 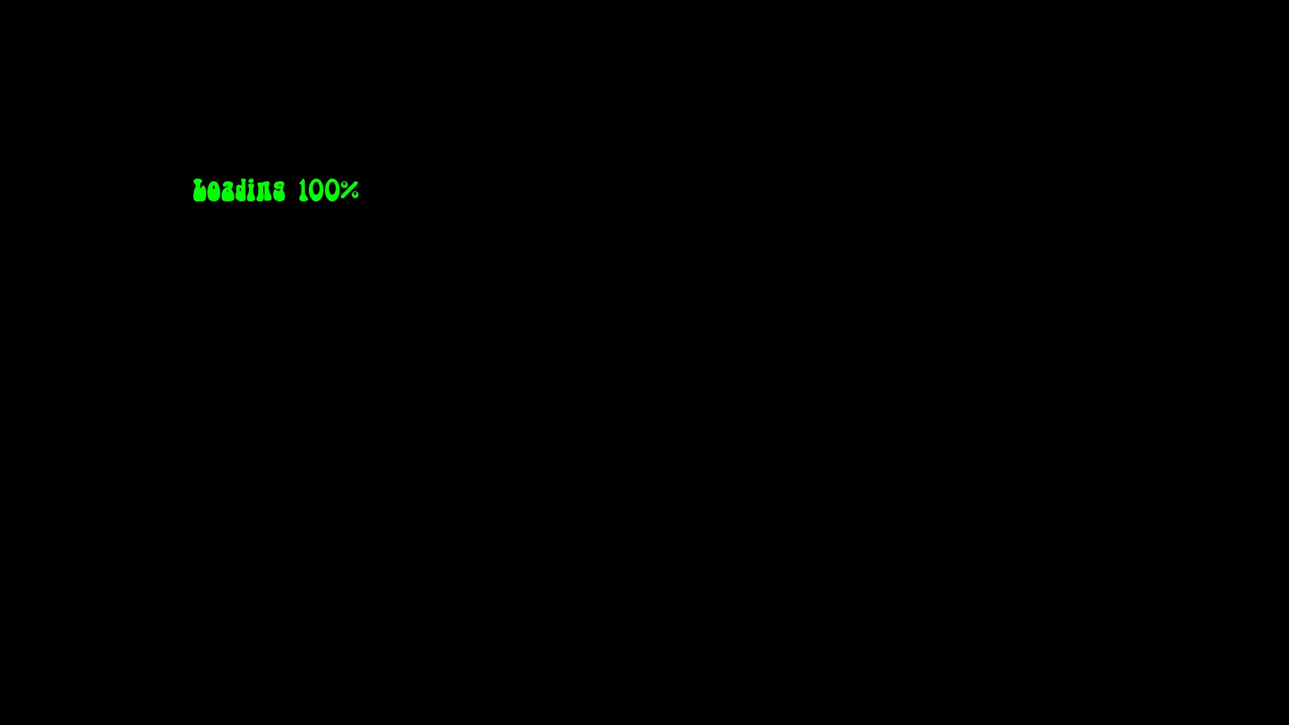 I want to click on CH, so click(x=444, y=239).